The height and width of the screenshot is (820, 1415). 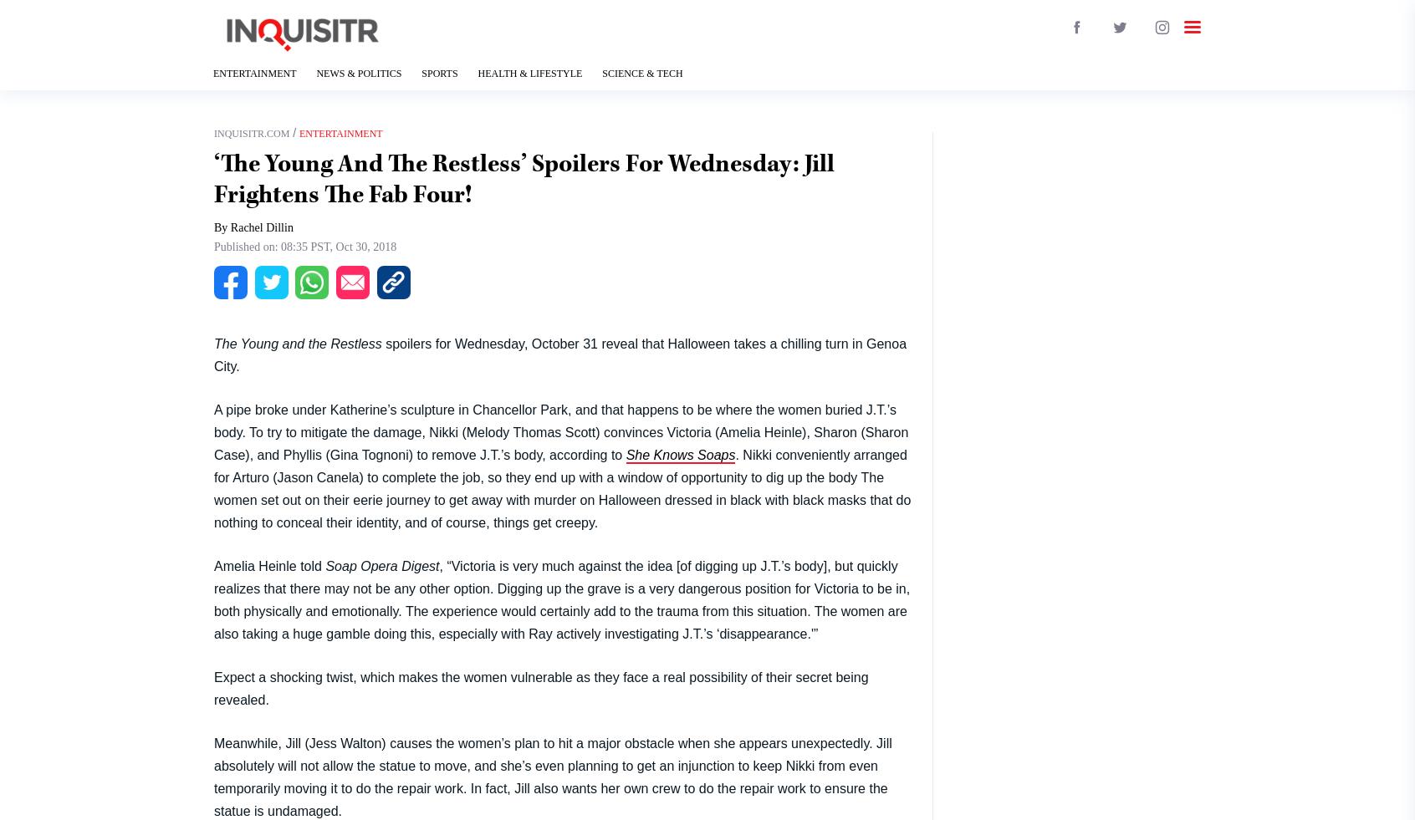 What do you see at coordinates (381, 565) in the screenshot?
I see `'Soap Opera Digest'` at bounding box center [381, 565].